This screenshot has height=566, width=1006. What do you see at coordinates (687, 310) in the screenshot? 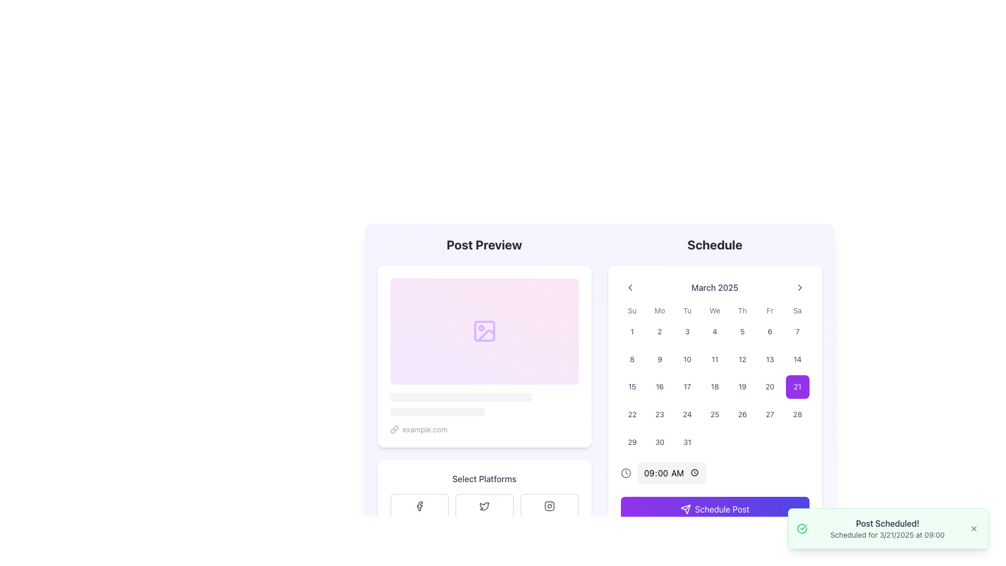
I see `the non-interactive text label displaying 'Tu', which is the third entry in the row of weekday abbreviations in the calendar section` at bounding box center [687, 310].